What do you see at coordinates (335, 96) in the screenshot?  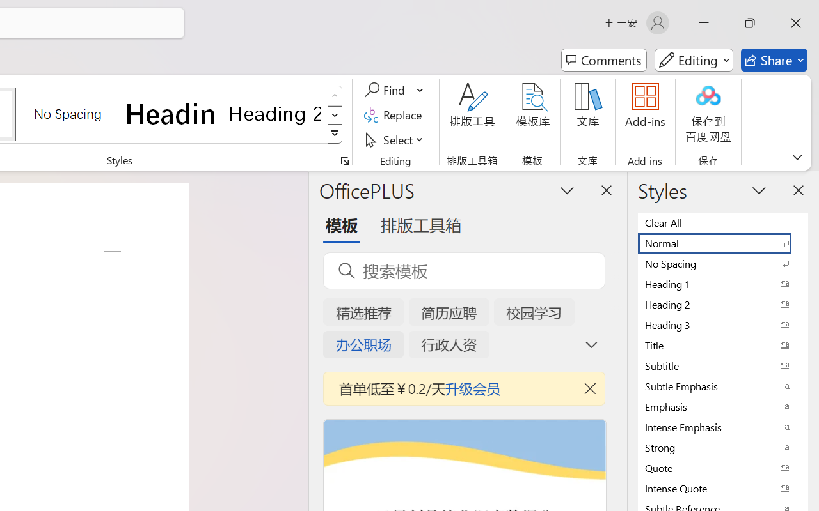 I see `'Row up'` at bounding box center [335, 96].